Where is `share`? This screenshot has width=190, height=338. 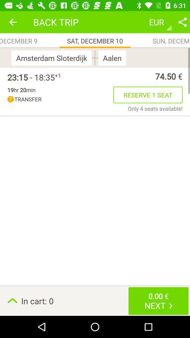
share is located at coordinates (182, 22).